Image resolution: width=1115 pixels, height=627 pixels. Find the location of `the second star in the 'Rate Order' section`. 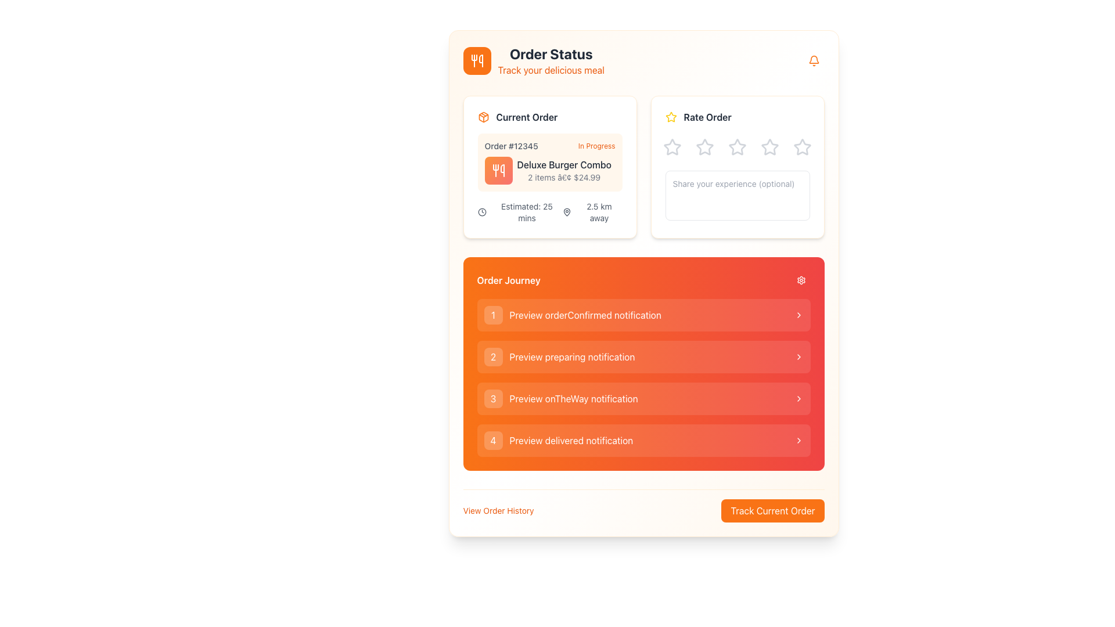

the second star in the 'Rate Order' section is located at coordinates (704, 146).